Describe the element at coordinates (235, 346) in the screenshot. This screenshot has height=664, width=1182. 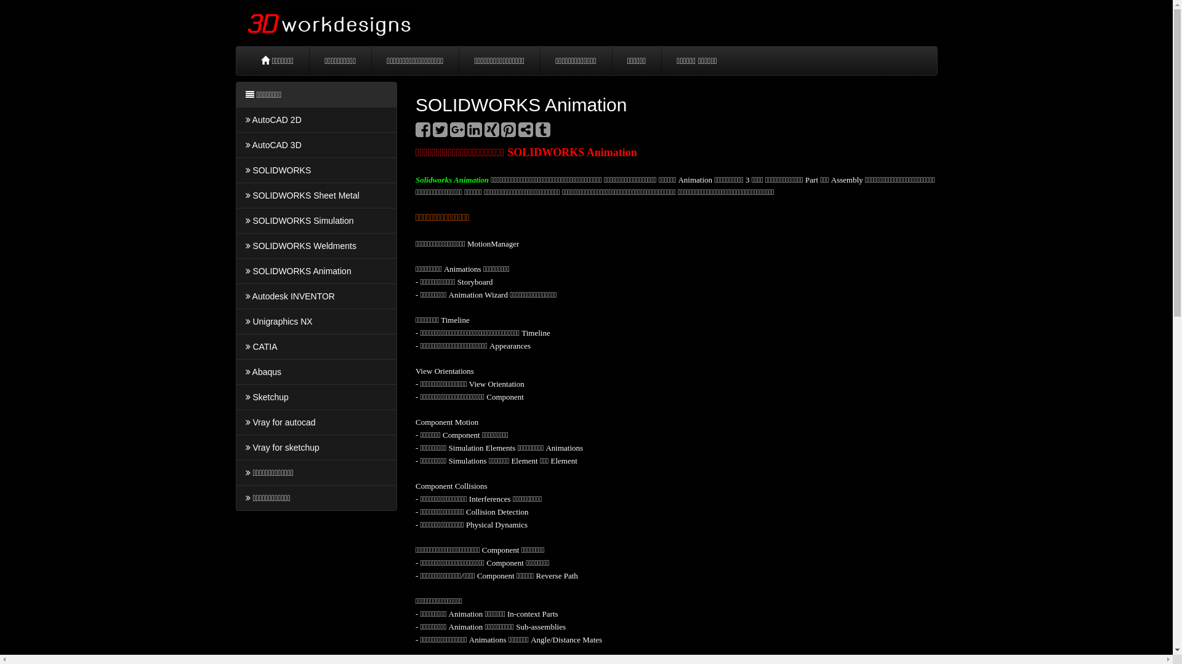
I see `'CATIA'` at that location.